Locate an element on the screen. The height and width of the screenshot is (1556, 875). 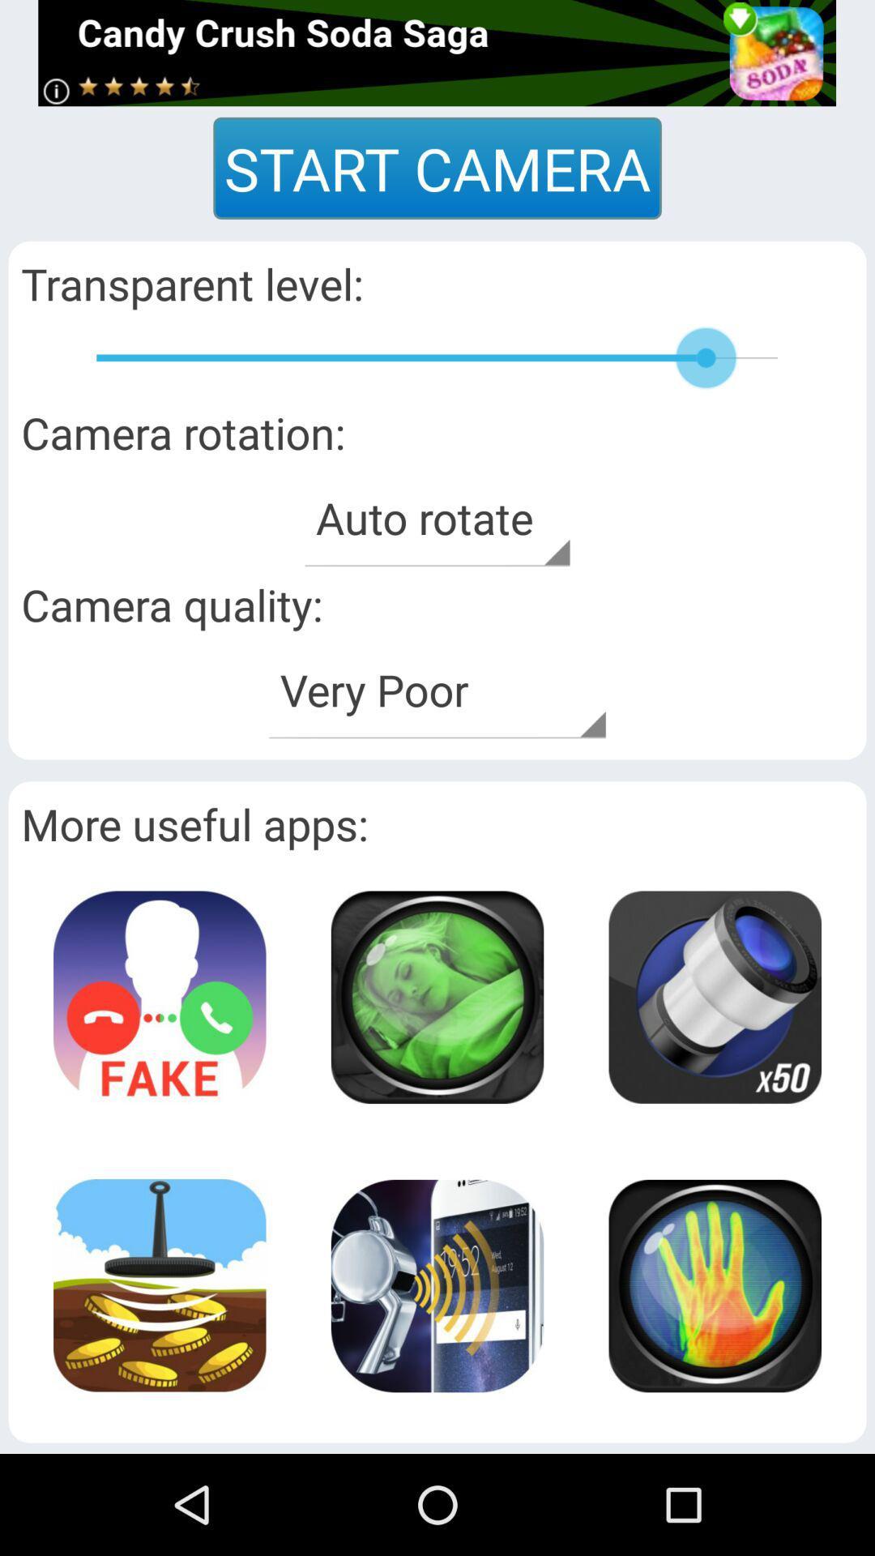
advertisement for another app is located at coordinates (160, 996).